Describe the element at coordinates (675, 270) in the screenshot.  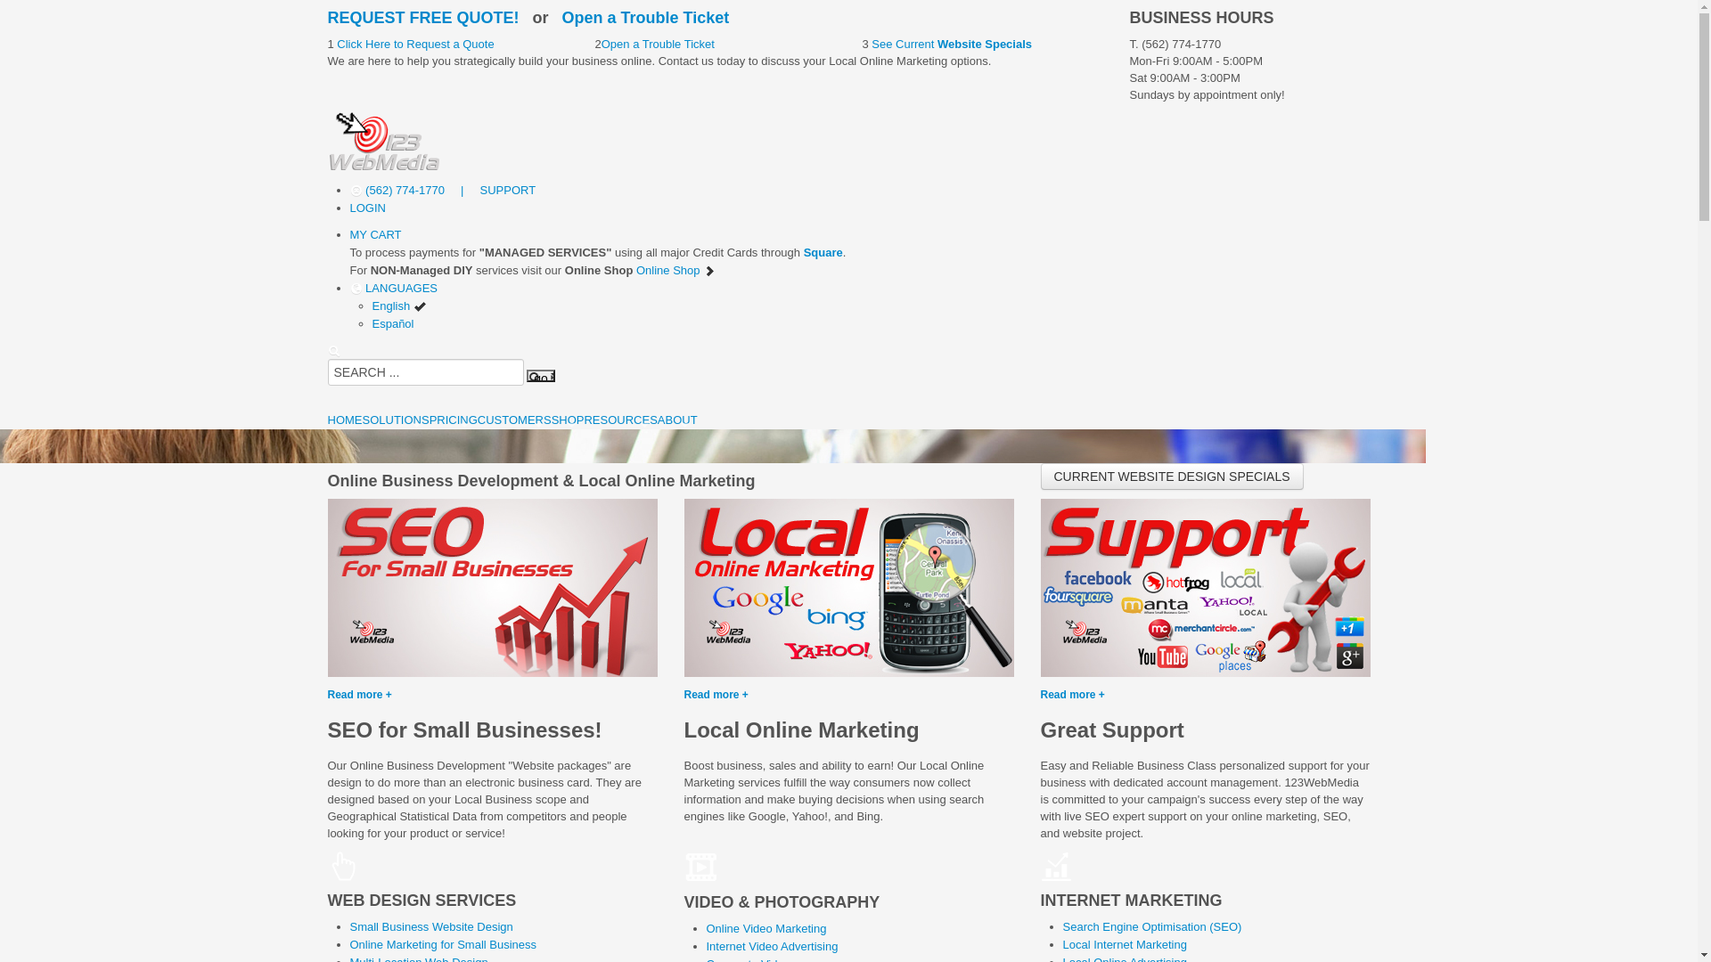
I see `'Online Shop'` at that location.